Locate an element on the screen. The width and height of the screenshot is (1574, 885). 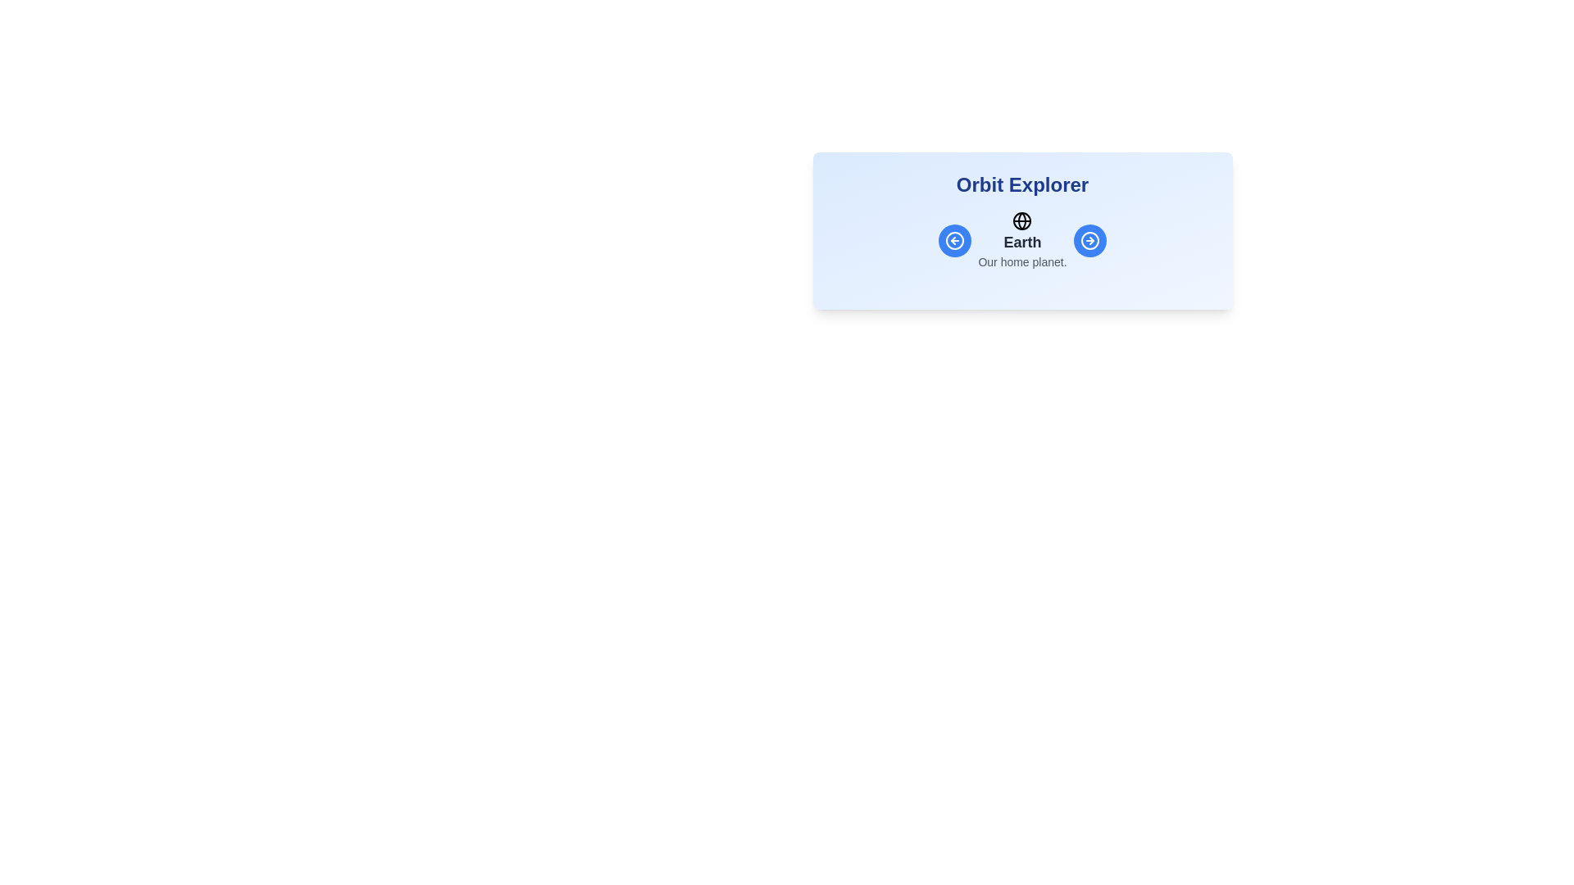
the leftward arrow circular icon button within the 'Orbit Explorer' section is located at coordinates (955, 240).